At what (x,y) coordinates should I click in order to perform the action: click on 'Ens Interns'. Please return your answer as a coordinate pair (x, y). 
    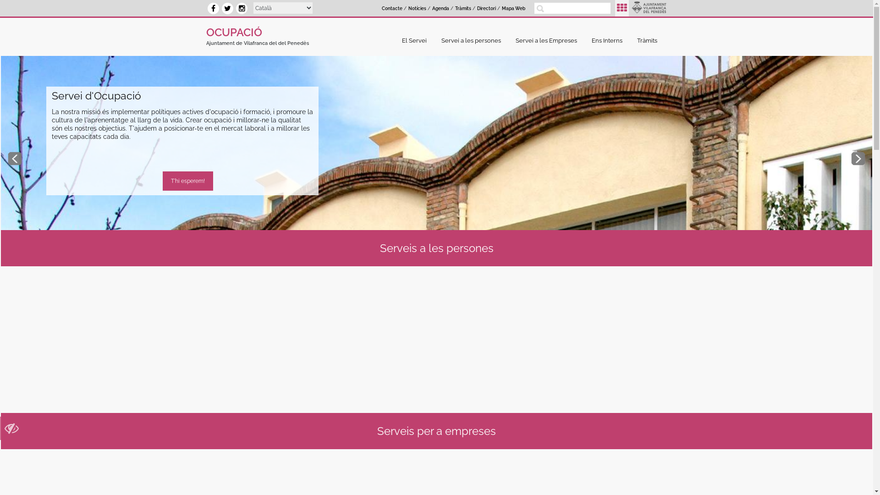
    Looking at the image, I should click on (609, 40).